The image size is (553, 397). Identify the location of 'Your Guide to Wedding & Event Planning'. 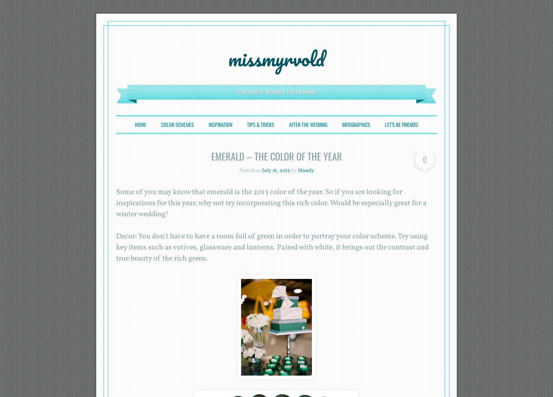
(276, 92).